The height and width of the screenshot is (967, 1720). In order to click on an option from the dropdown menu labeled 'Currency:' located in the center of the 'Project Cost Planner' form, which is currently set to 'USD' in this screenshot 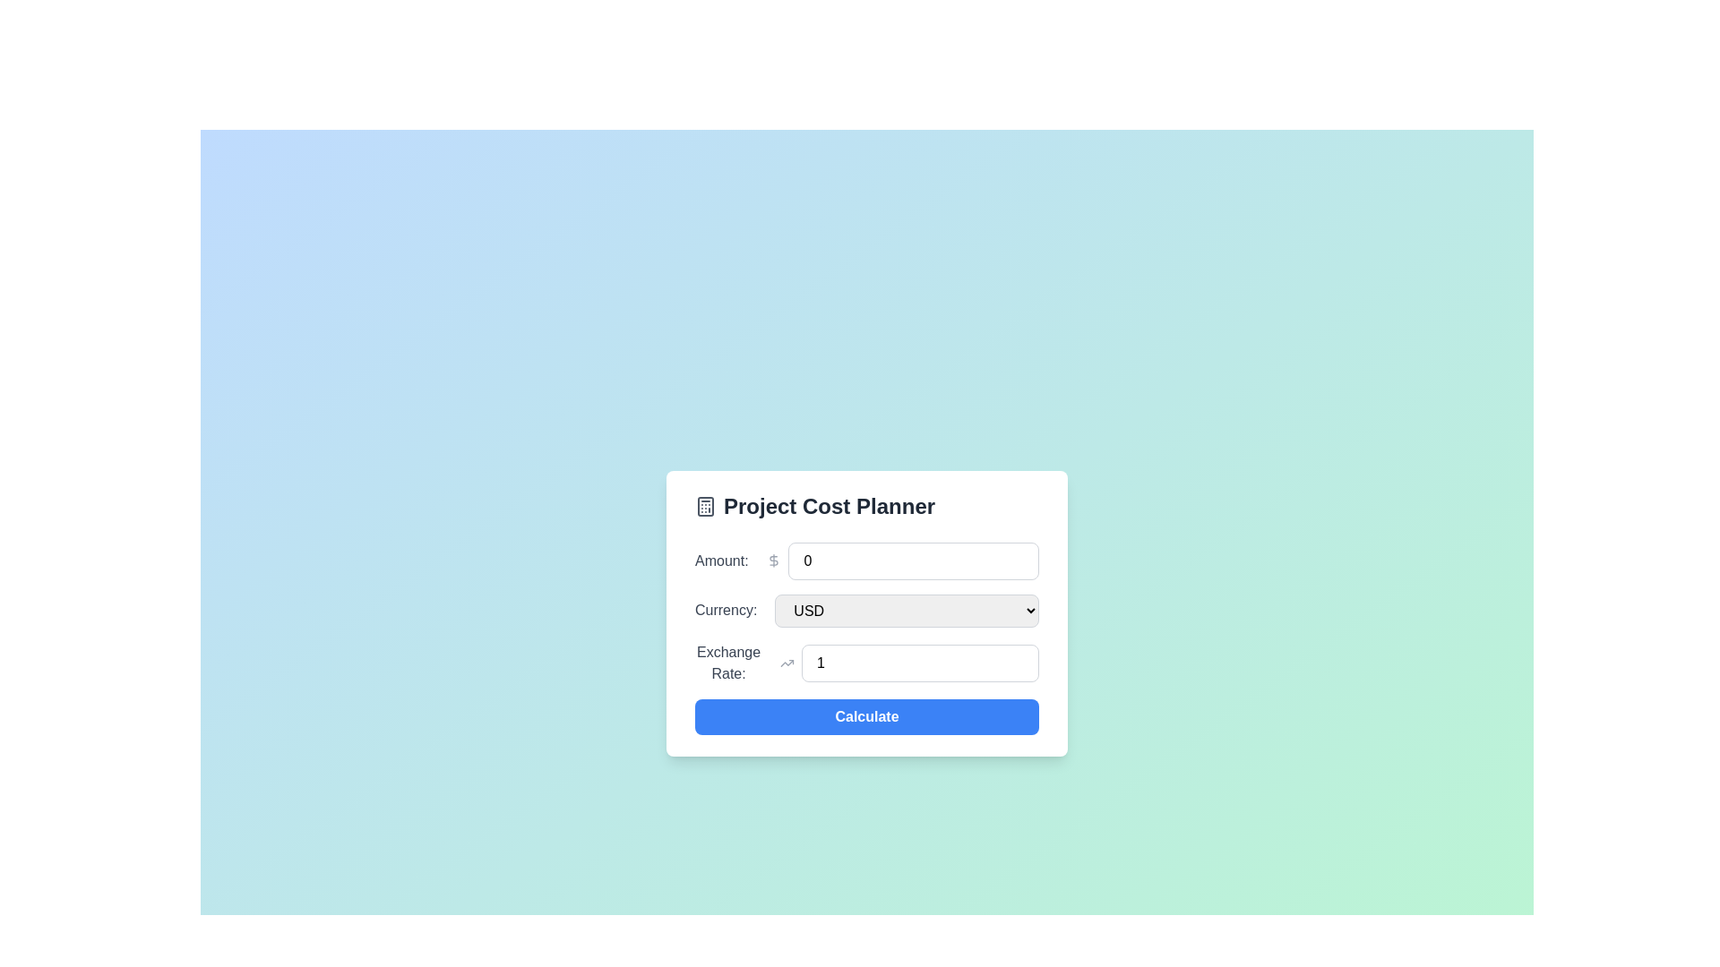, I will do `click(907, 610)`.